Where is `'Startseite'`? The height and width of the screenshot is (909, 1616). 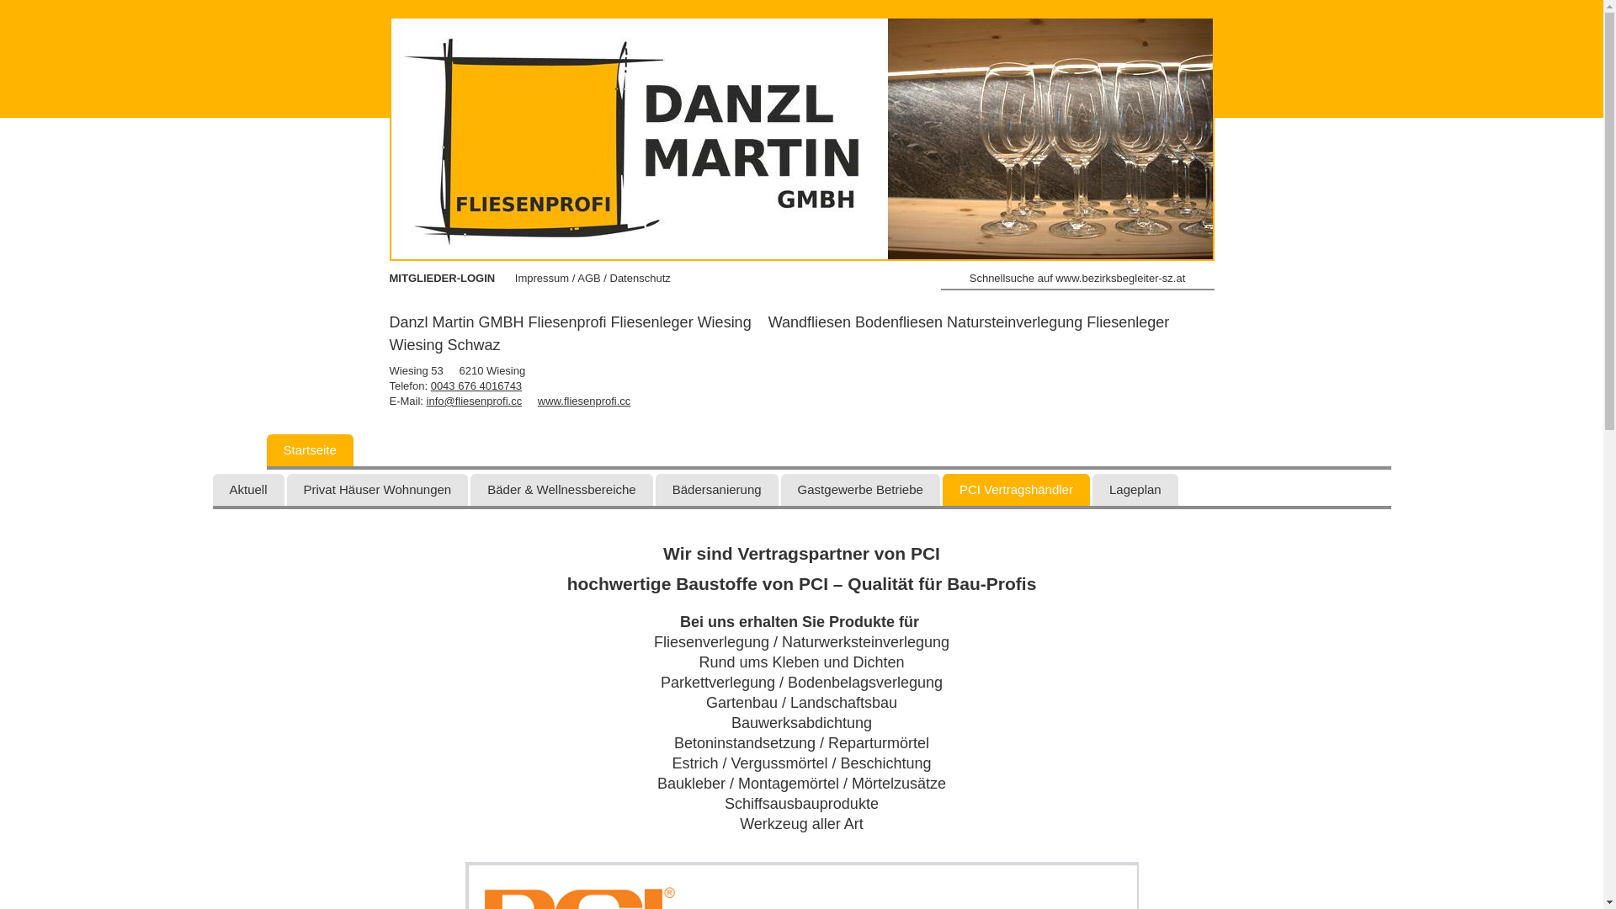 'Startseite' is located at coordinates (309, 449).